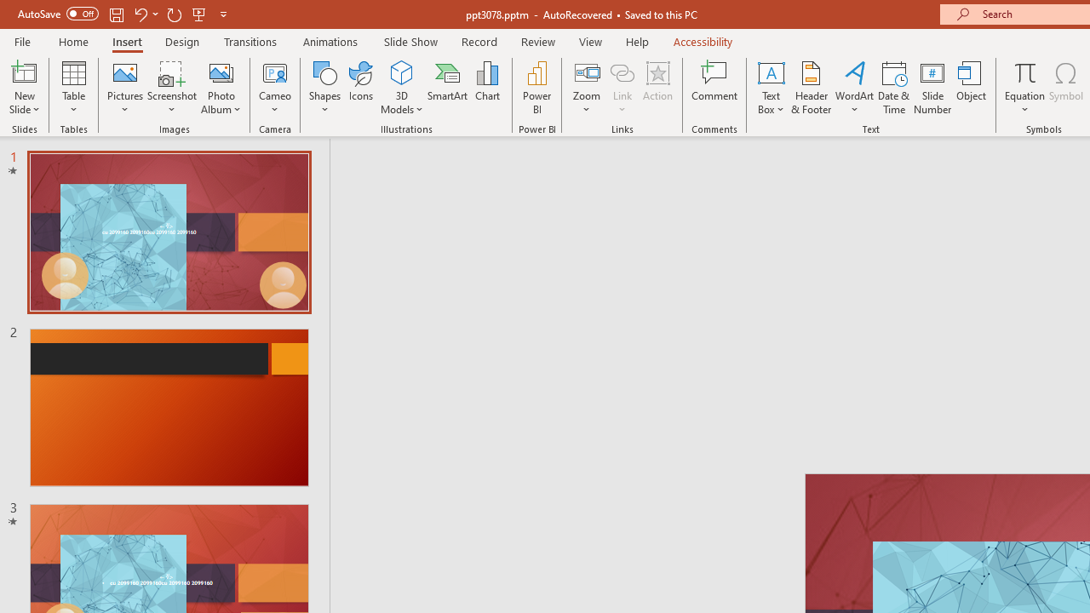  Describe the element at coordinates (714, 88) in the screenshot. I see `'Comment'` at that location.